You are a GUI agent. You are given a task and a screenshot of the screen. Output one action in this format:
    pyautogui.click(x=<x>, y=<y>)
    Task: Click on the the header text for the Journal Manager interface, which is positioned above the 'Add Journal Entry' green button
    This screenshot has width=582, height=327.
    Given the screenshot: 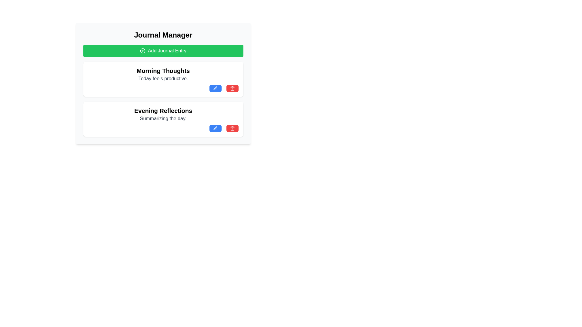 What is the action you would take?
    pyautogui.click(x=163, y=35)
    